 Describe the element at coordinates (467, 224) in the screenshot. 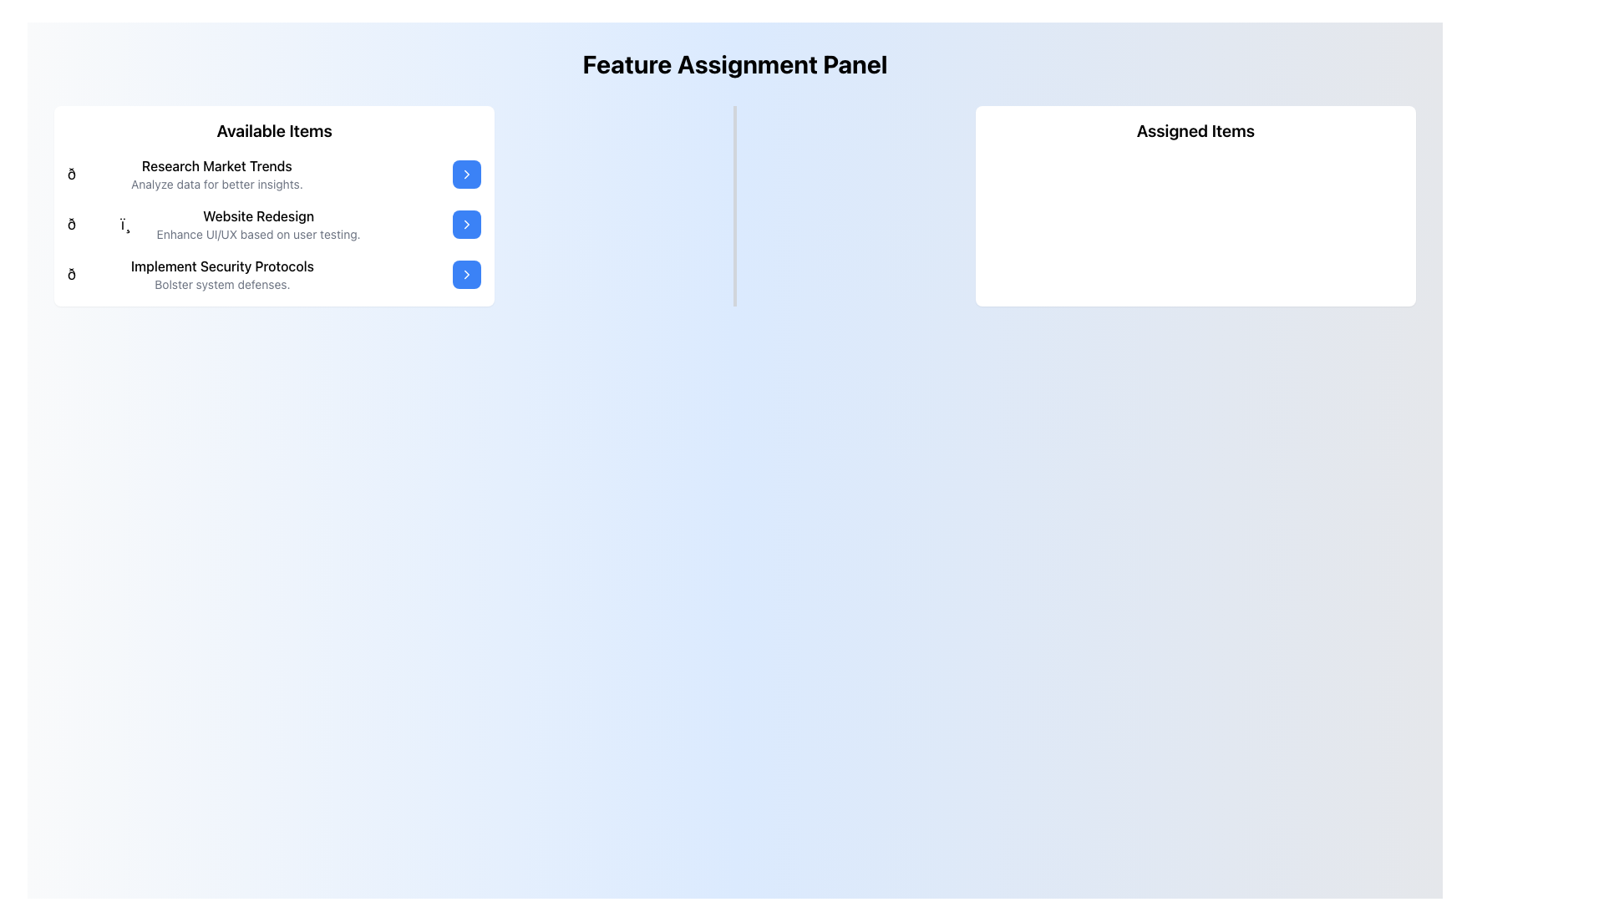

I see `the SVG Icon button aligned to the right of the 'Website Redesign' item in the 'Available Items' section` at that location.